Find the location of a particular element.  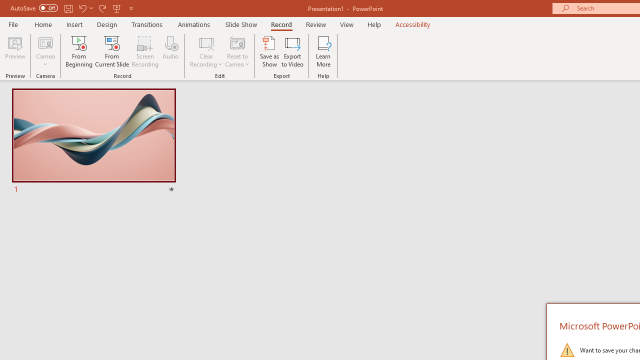

'Learn More' is located at coordinates (323, 51).